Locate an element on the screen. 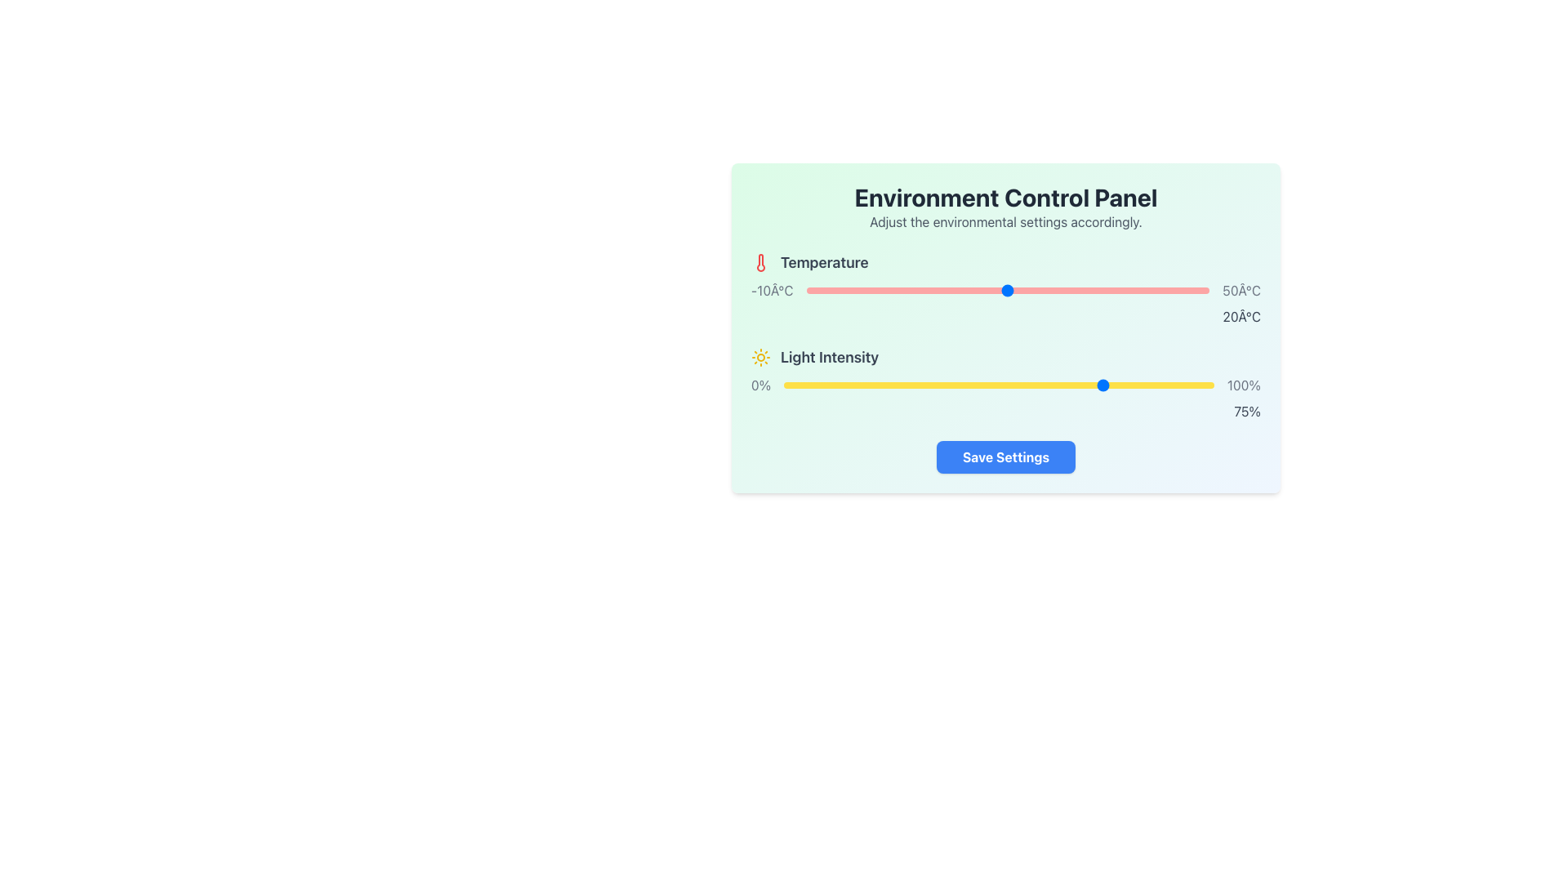  the temperature slider is located at coordinates (906, 289).